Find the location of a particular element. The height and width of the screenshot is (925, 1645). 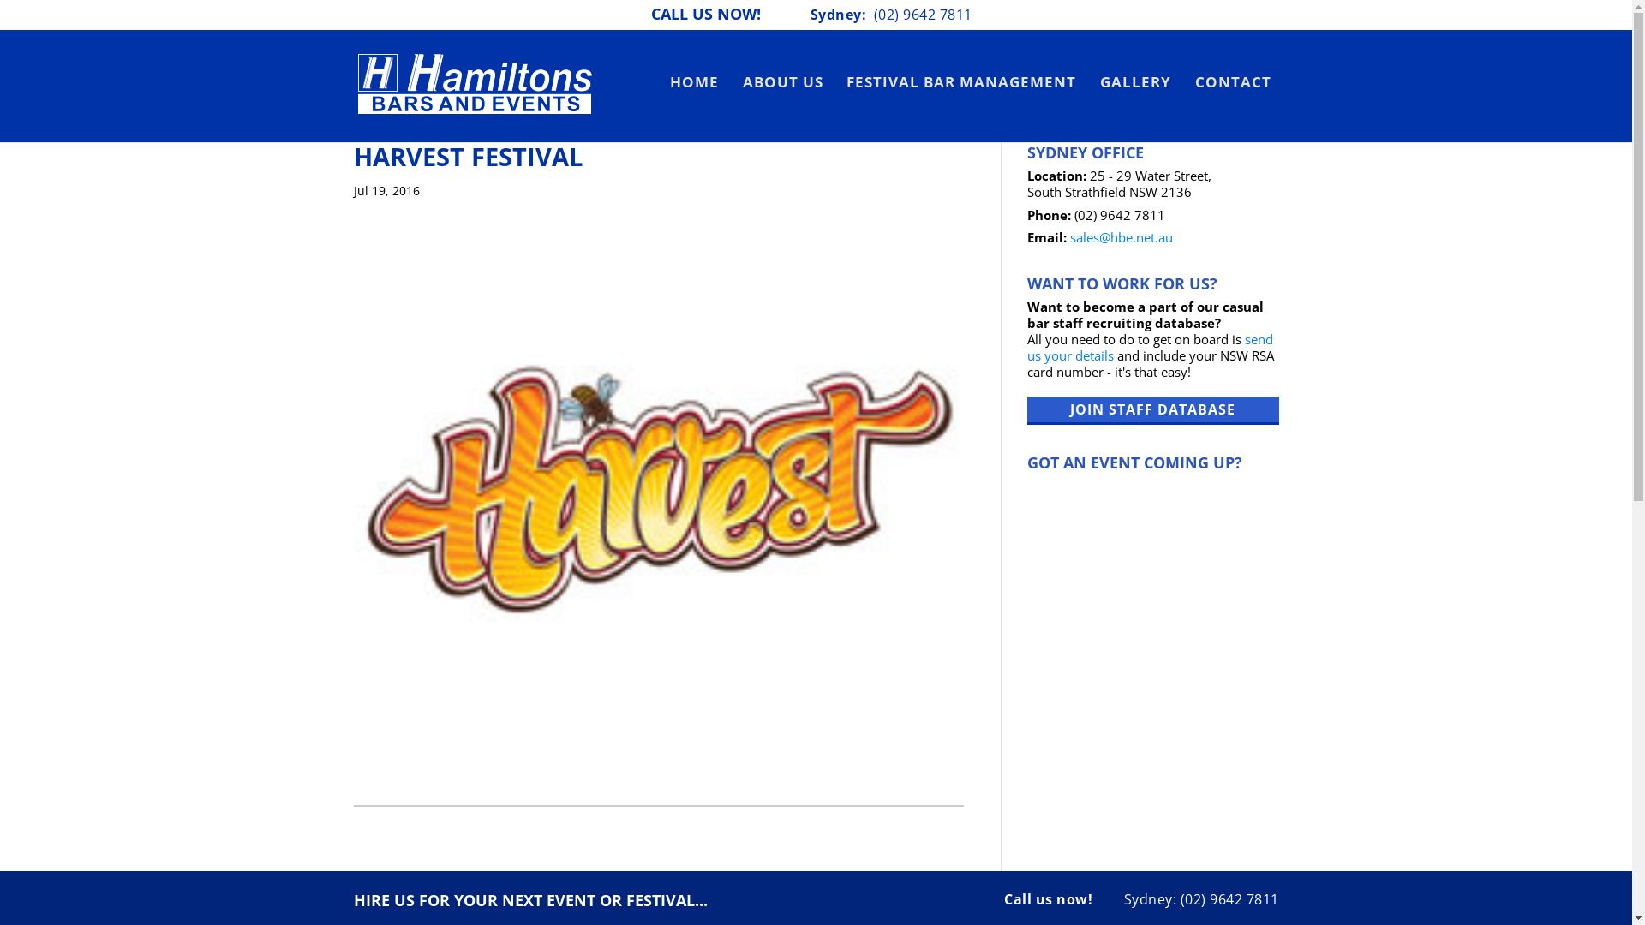

'(02) 9642 7811' is located at coordinates (922, 14).